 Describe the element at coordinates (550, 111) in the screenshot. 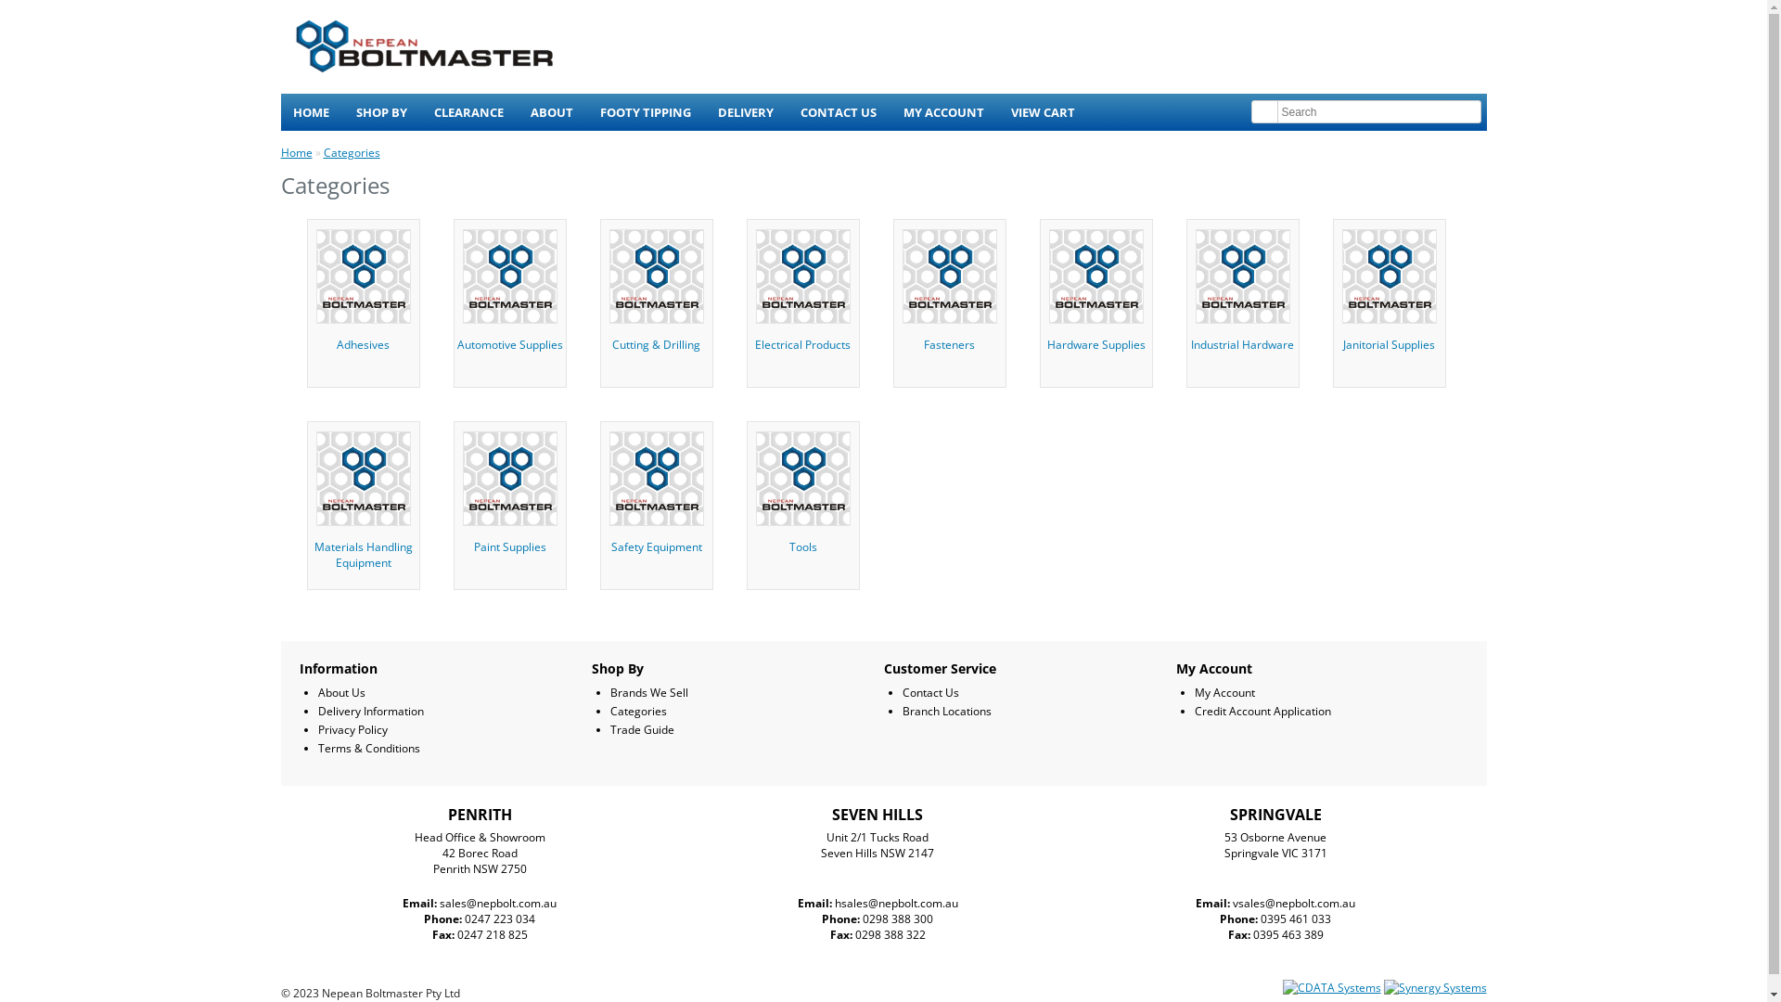

I see `'ABOUT'` at that location.